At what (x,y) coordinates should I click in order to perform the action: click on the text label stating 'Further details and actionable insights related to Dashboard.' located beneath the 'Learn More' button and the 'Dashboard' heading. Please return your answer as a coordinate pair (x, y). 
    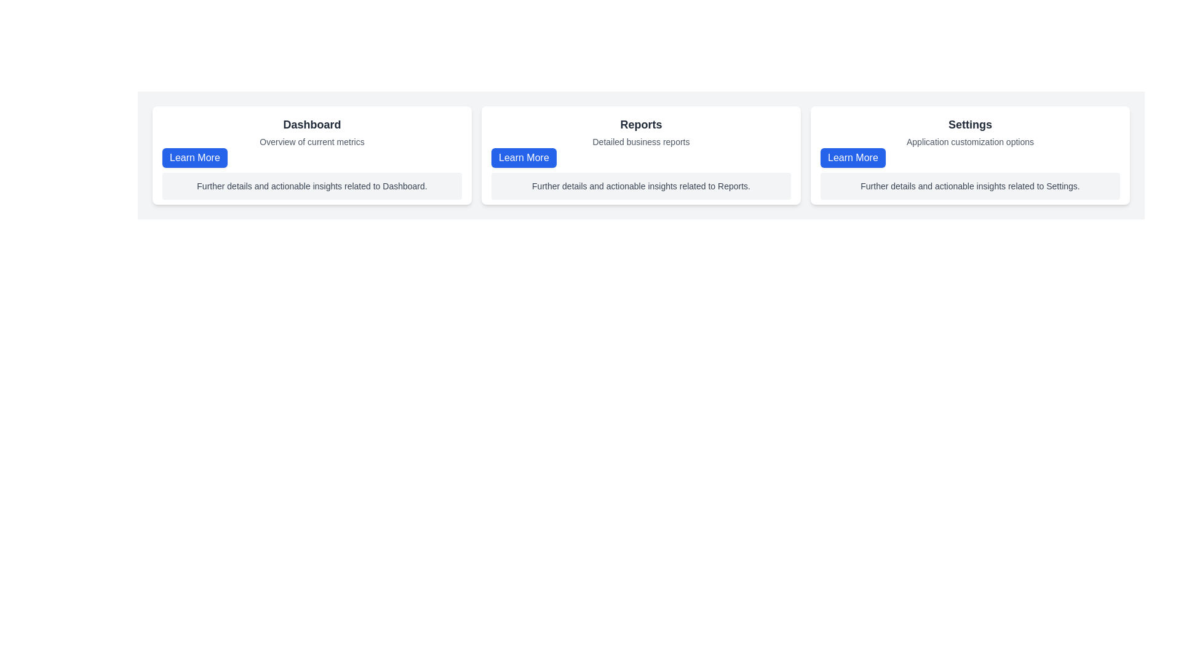
    Looking at the image, I should click on (312, 186).